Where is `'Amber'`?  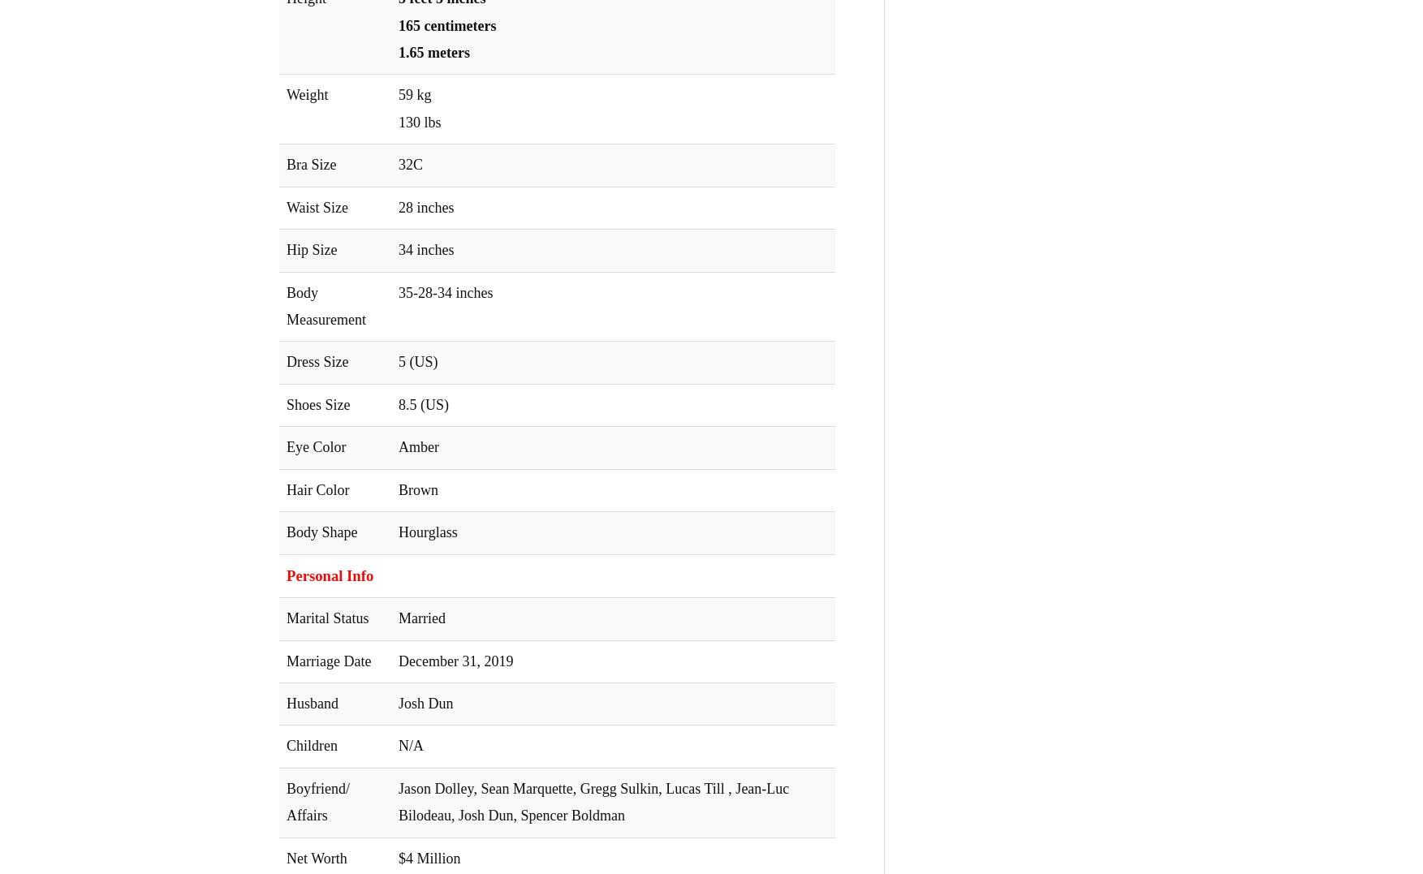
'Amber' is located at coordinates (419, 446).